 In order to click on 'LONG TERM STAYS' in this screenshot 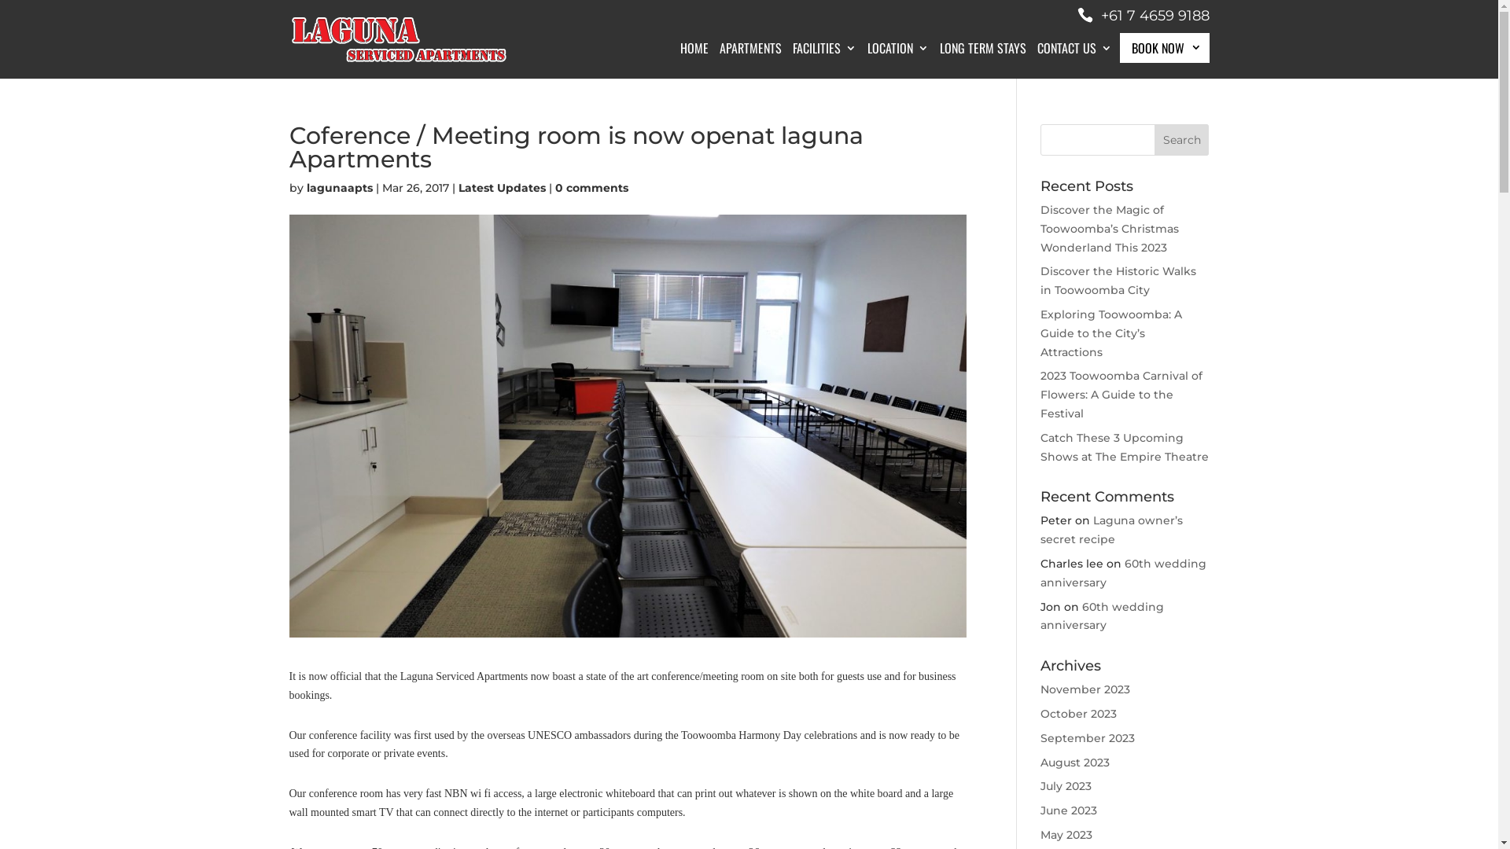, I will do `click(939, 60)`.